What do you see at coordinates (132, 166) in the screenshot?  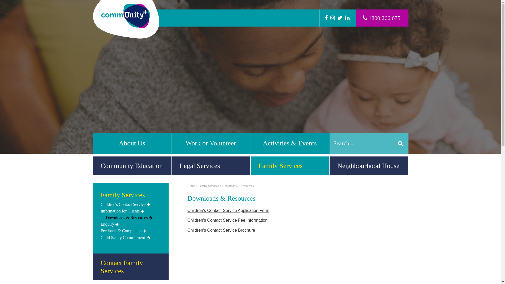 I see `'Community Education'` at bounding box center [132, 166].